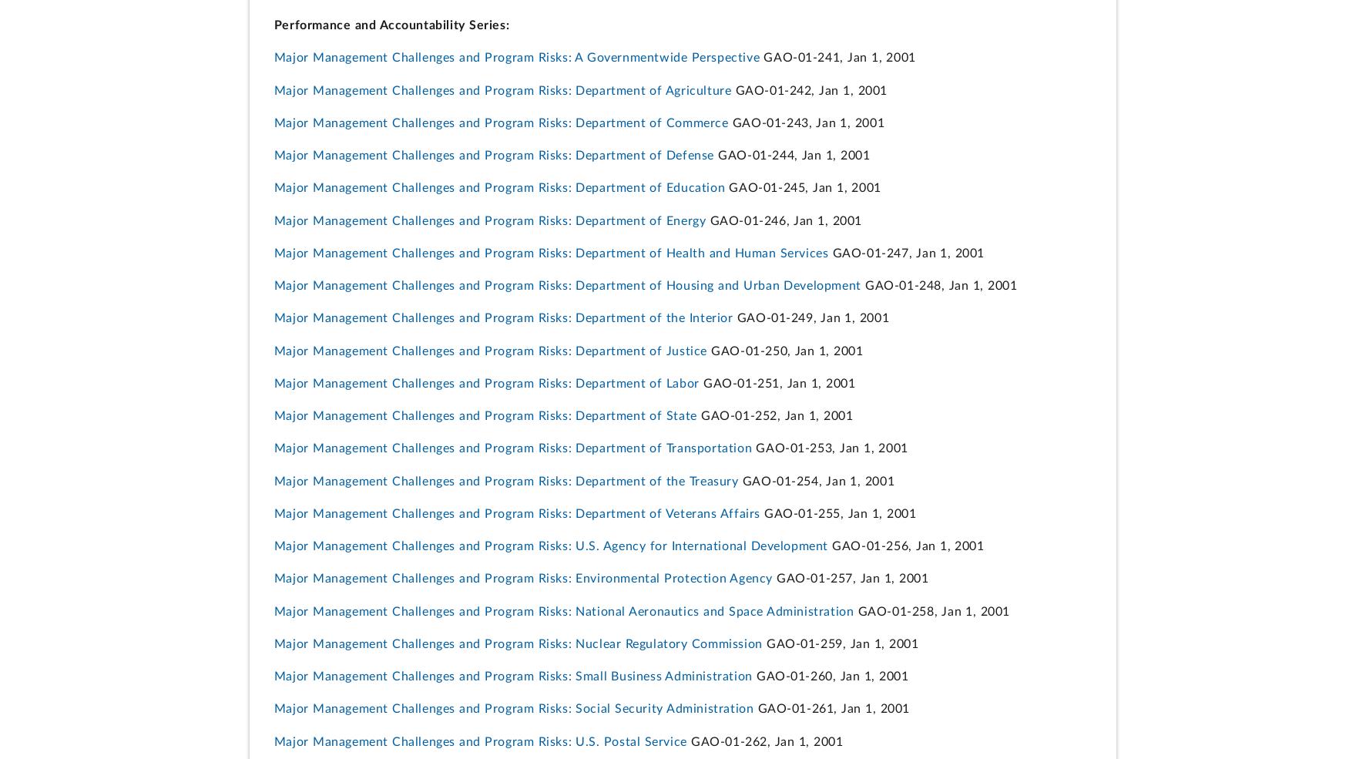 Image resolution: width=1366 pixels, height=759 pixels. I want to click on 'GAO-01-247, Jan 1, 2001', so click(906, 253).